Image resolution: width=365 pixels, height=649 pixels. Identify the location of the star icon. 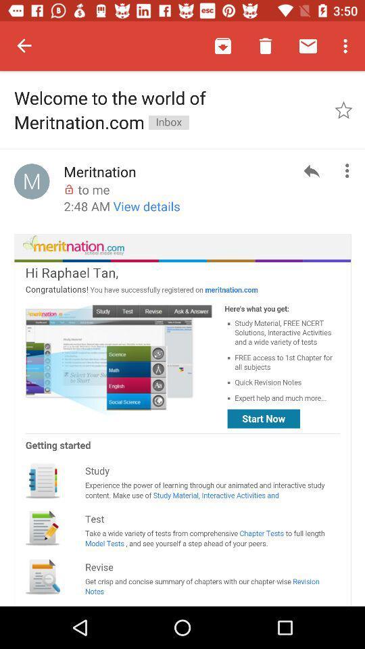
(343, 109).